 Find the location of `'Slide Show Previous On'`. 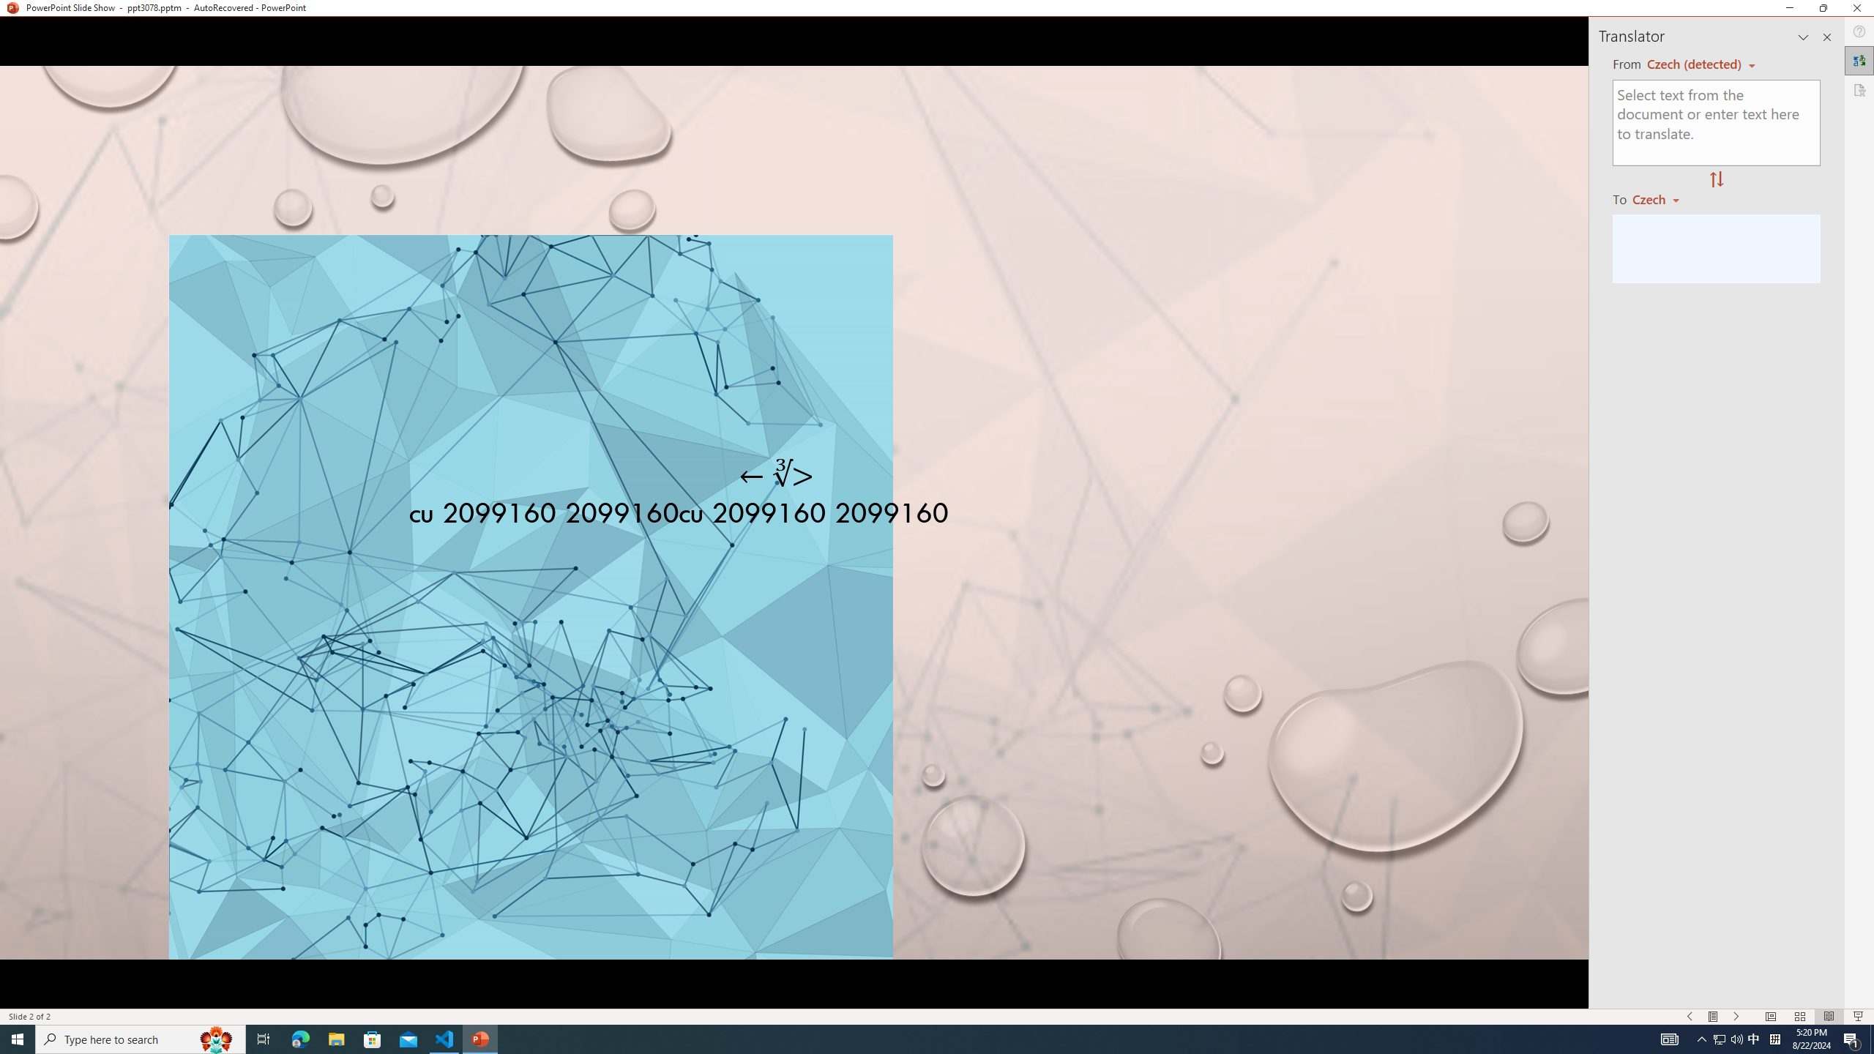

'Slide Show Previous On' is located at coordinates (1690, 1017).